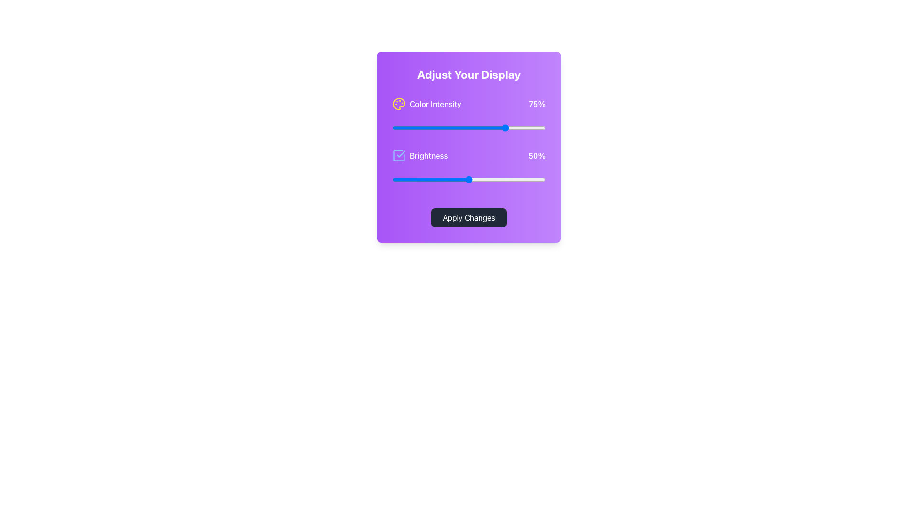 Image resolution: width=918 pixels, height=516 pixels. Describe the element at coordinates (451, 179) in the screenshot. I see `the Brightness slider` at that location.